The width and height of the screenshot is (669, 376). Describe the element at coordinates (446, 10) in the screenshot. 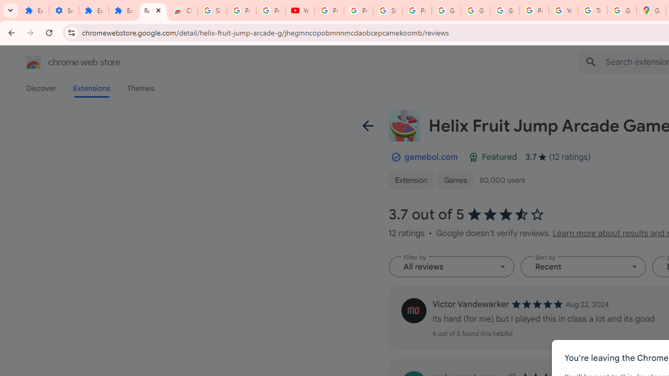

I see `'Google Account'` at that location.